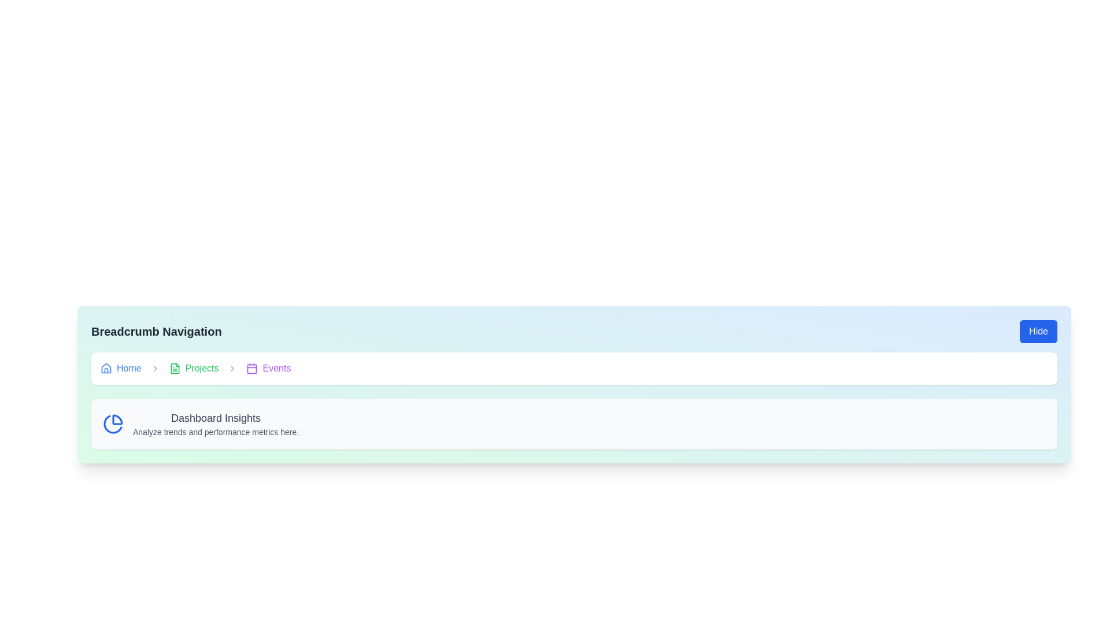 This screenshot has width=1110, height=624. Describe the element at coordinates (216, 424) in the screenshot. I see `details from the Textual Label displaying 'Dashboard Insights' and its description 'Analyze trends and performance metrics here.'` at that location.